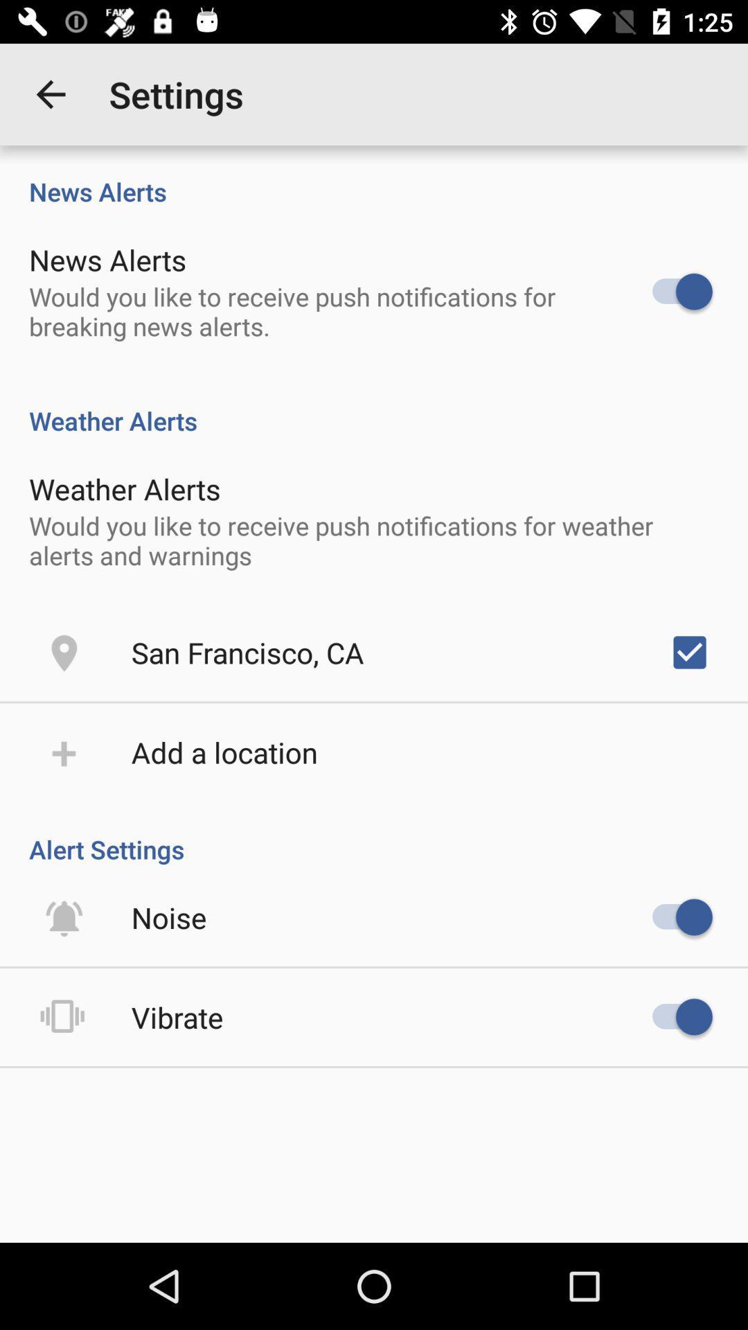 The width and height of the screenshot is (748, 1330). I want to click on vibrate, so click(177, 1017).